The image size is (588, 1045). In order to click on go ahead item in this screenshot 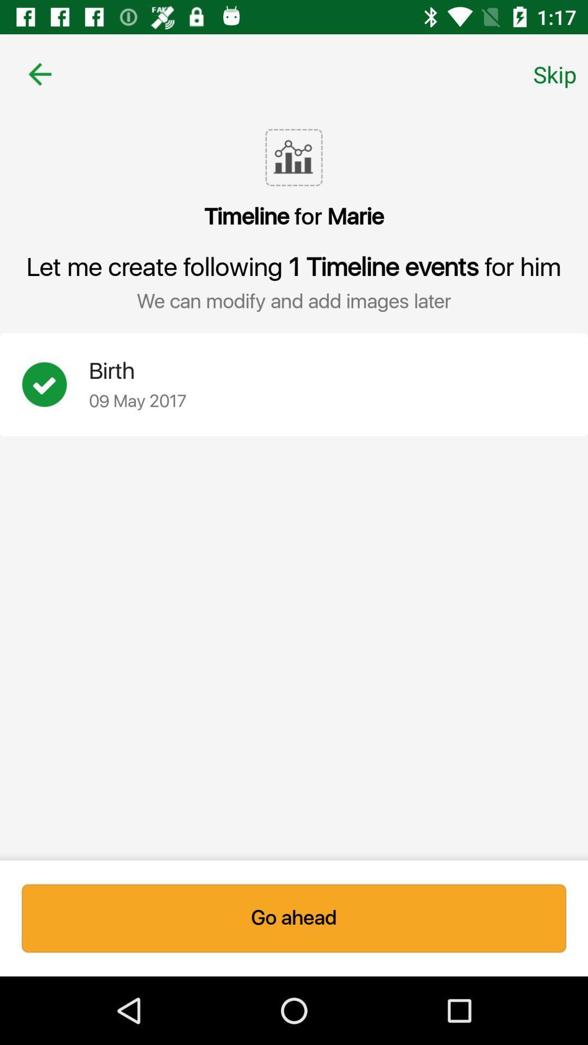, I will do `click(294, 918)`.